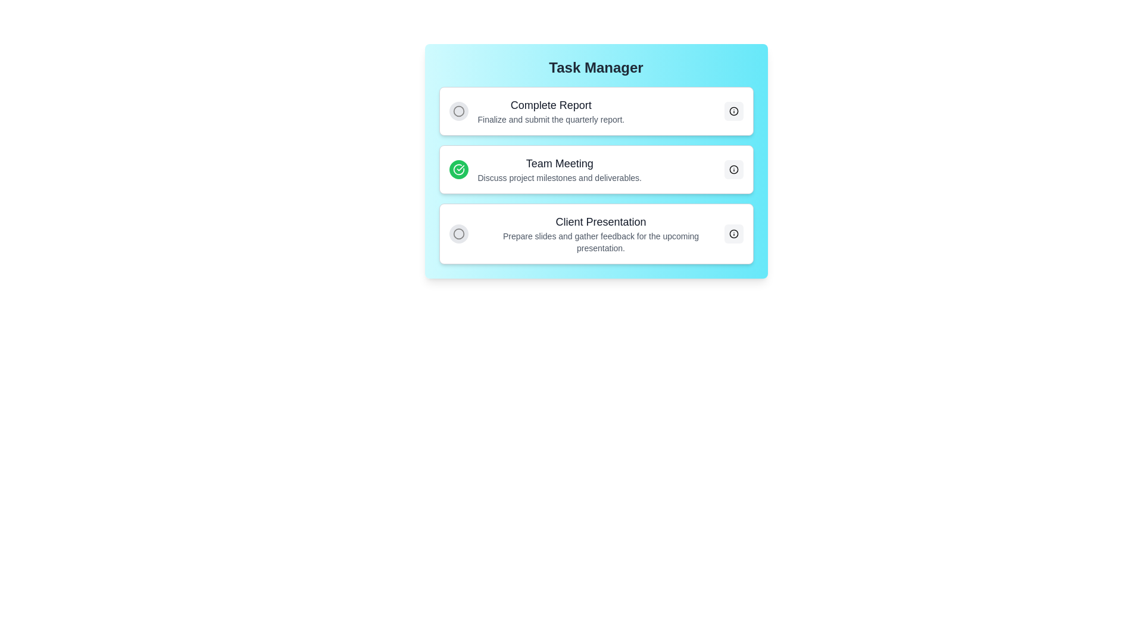 This screenshot has height=643, width=1143. Describe the element at coordinates (601, 234) in the screenshot. I see `the third list item in the task manager interface` at that location.